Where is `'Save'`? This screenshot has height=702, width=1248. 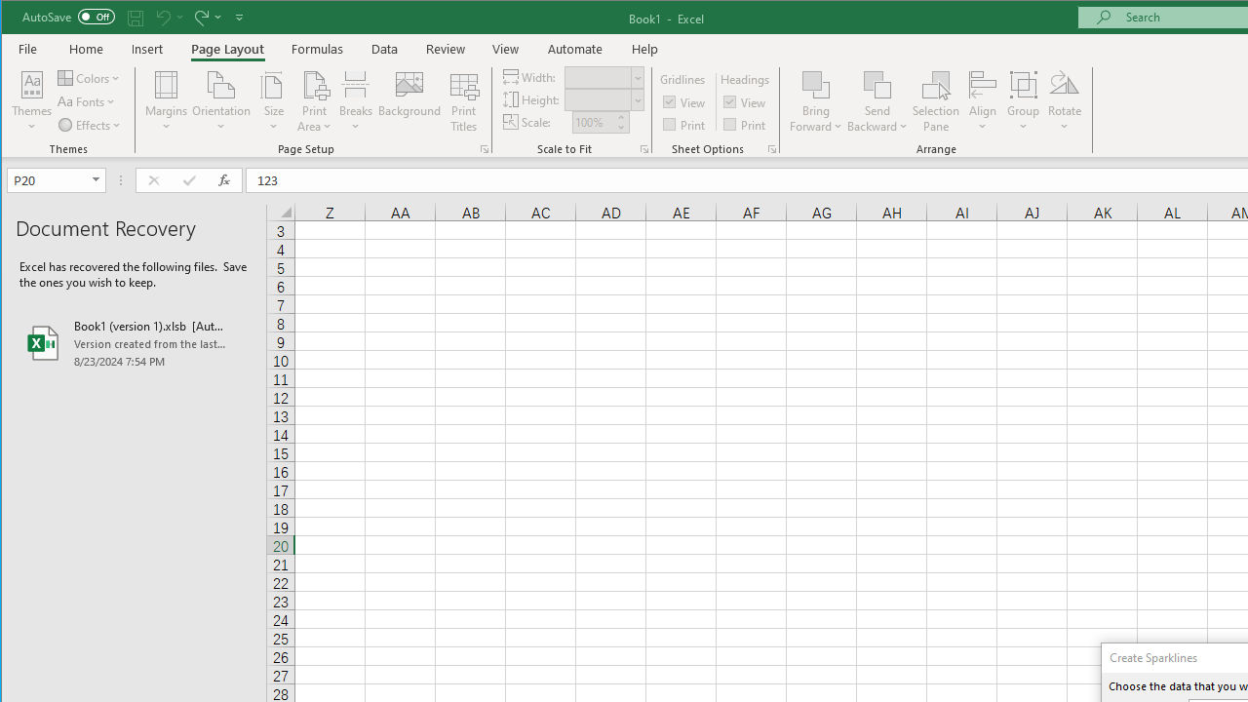 'Save' is located at coordinates (135, 17).